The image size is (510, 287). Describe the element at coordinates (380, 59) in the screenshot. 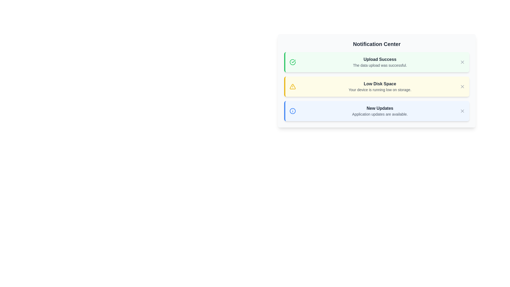

I see `the bold text label displaying 'Upload Success' at the top of the notification card in the Notification Center` at that location.